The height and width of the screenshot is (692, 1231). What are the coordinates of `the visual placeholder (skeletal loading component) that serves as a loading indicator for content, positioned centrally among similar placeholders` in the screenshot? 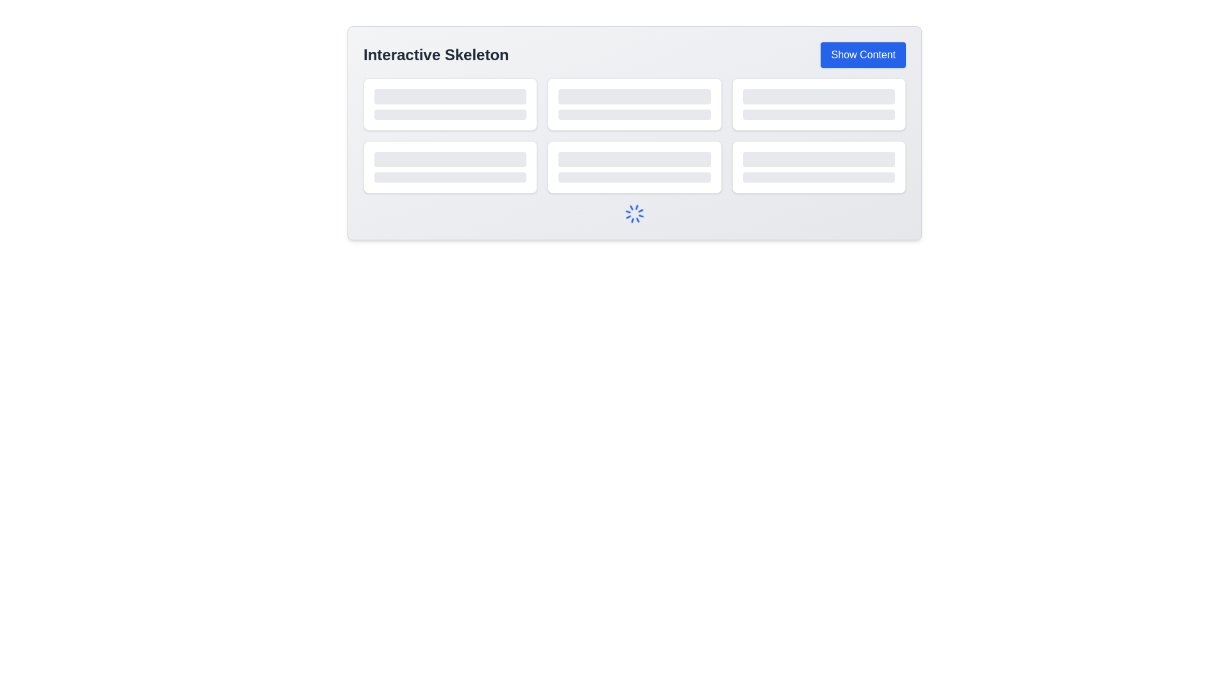 It's located at (634, 95).